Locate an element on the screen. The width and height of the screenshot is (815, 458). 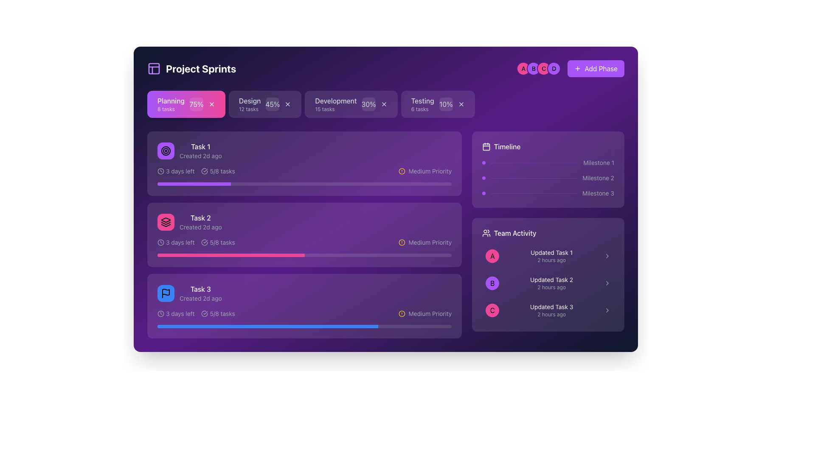
the text label reading 'Milestone 1' located in the timeline section of the card-like interface is located at coordinates (598, 163).